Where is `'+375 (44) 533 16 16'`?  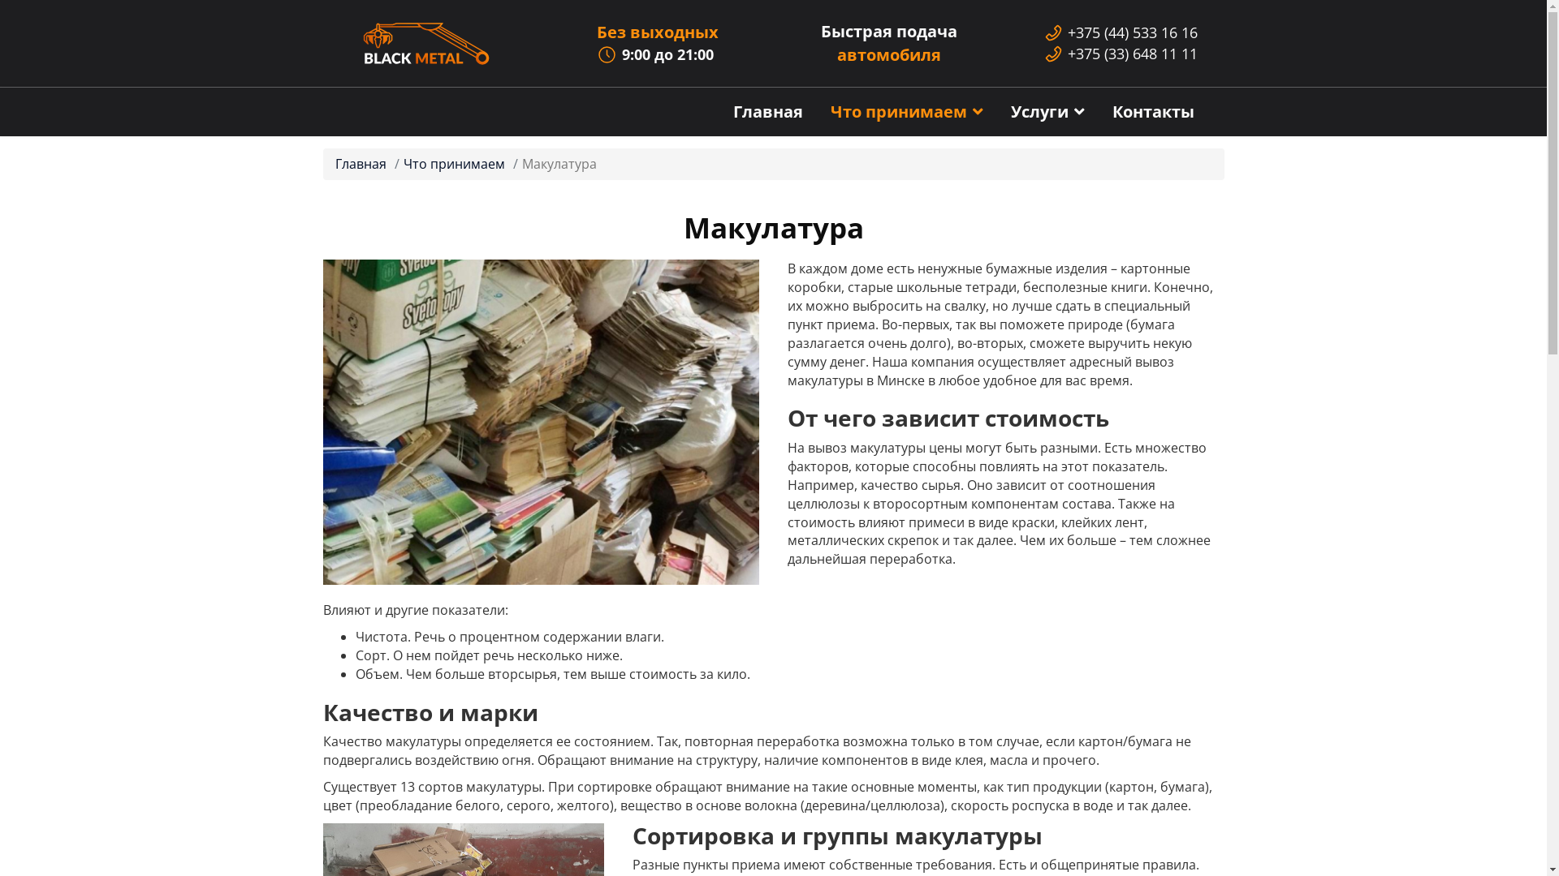
'+375 (44) 533 16 16' is located at coordinates (1068, 32).